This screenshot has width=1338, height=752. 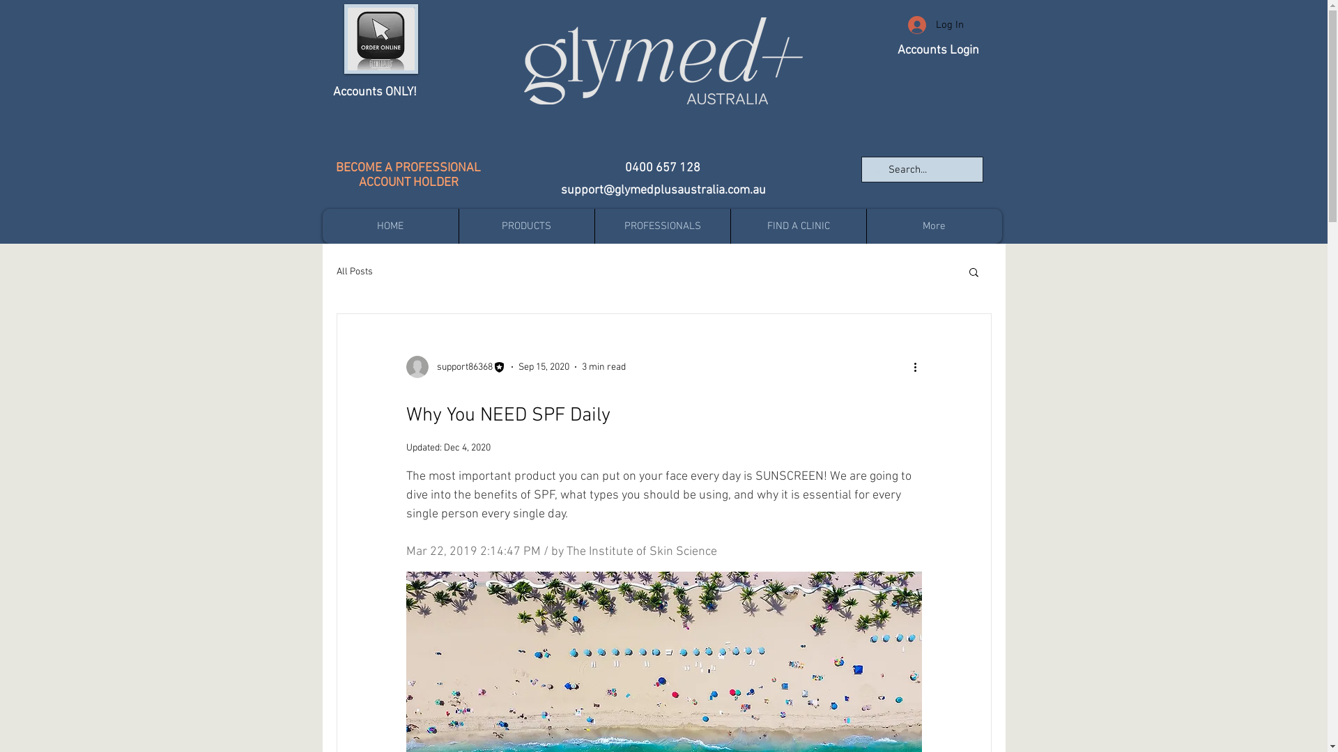 What do you see at coordinates (390, 225) in the screenshot?
I see `'HOME'` at bounding box center [390, 225].